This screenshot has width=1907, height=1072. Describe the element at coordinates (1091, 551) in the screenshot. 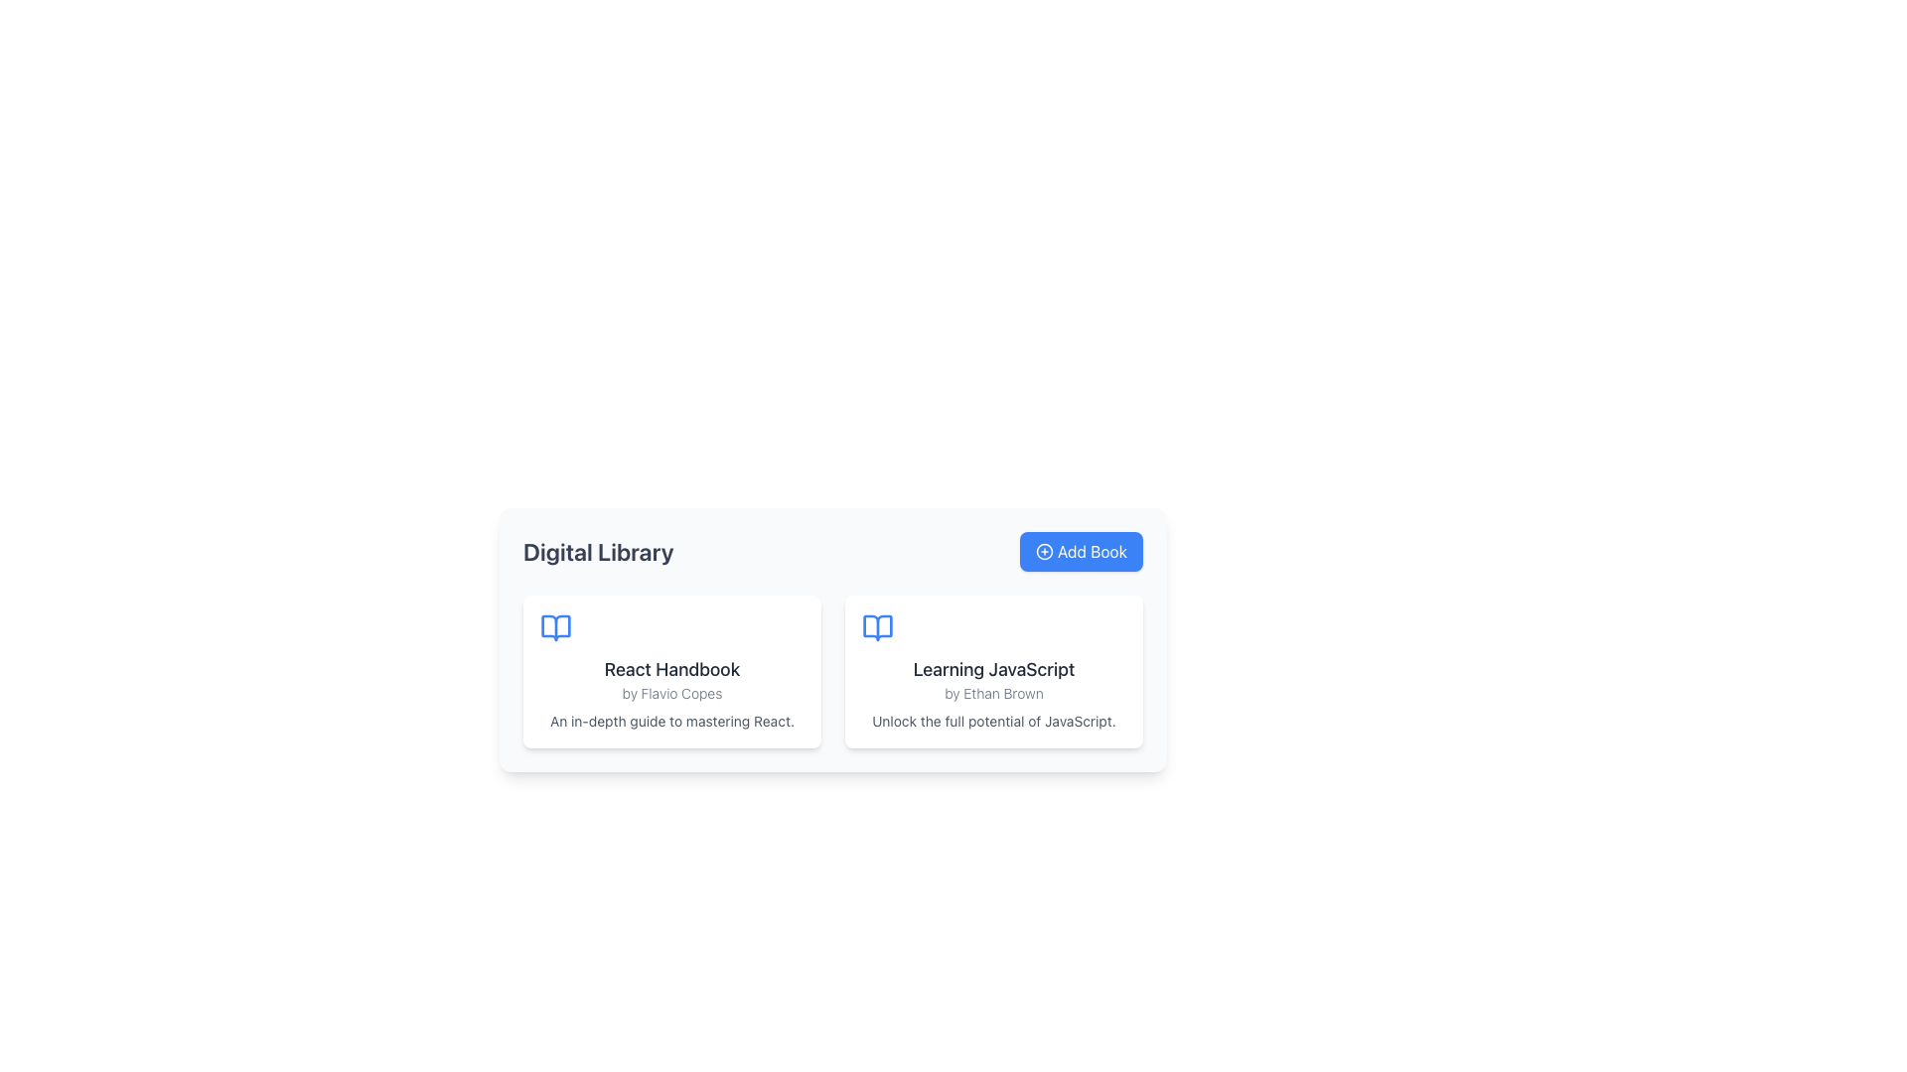

I see `the button that contains the text label for adding a new book entry, located at the top-right corner of the 'Digital Library' section` at that location.